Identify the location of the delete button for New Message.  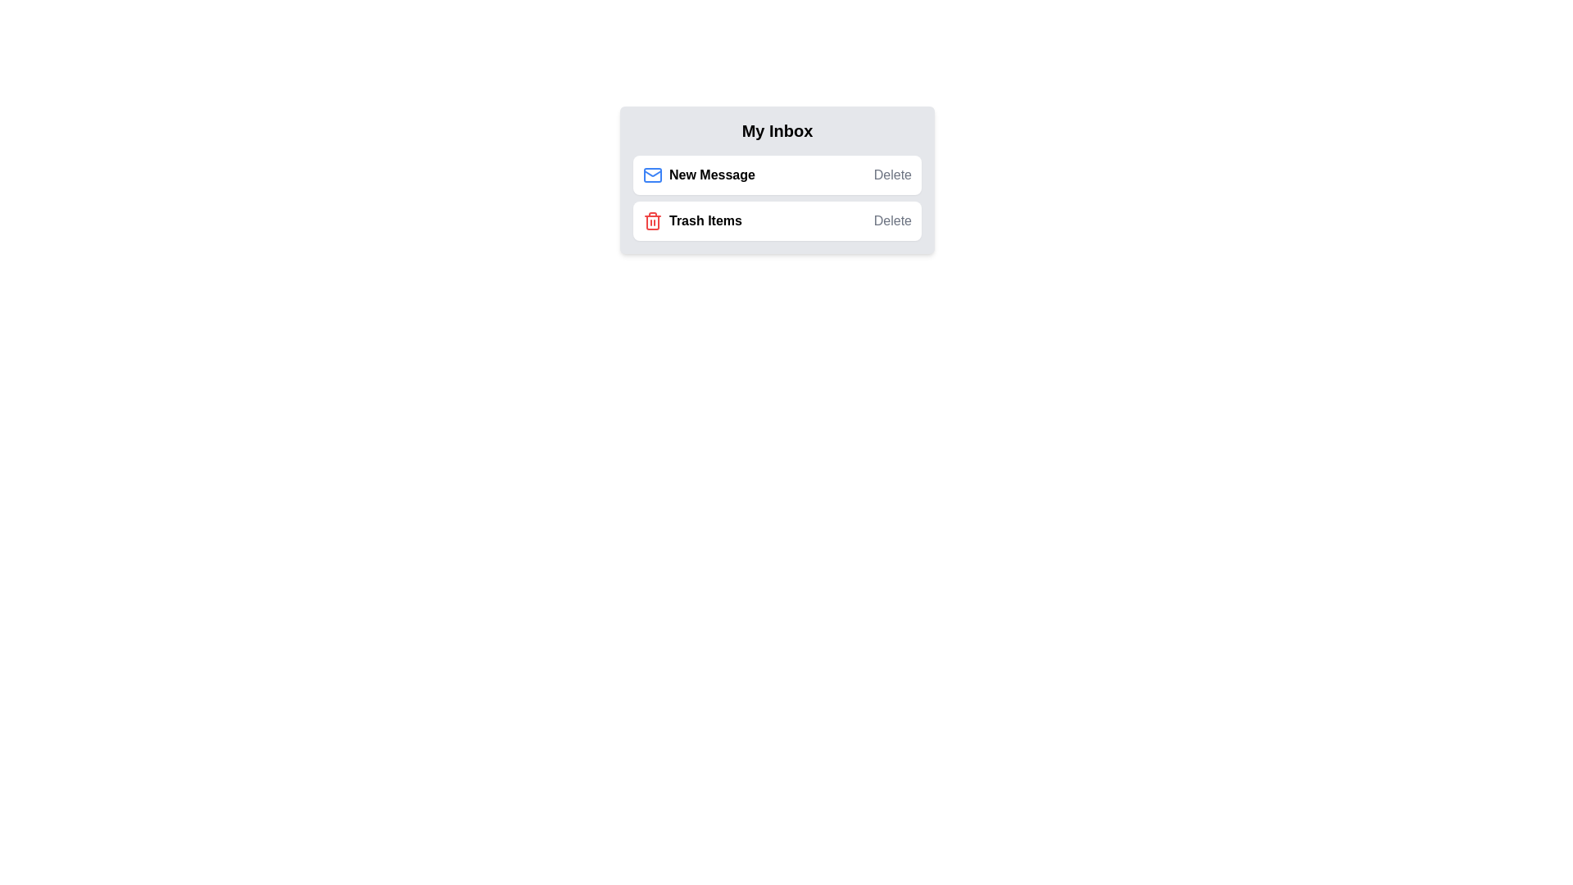
(891, 175).